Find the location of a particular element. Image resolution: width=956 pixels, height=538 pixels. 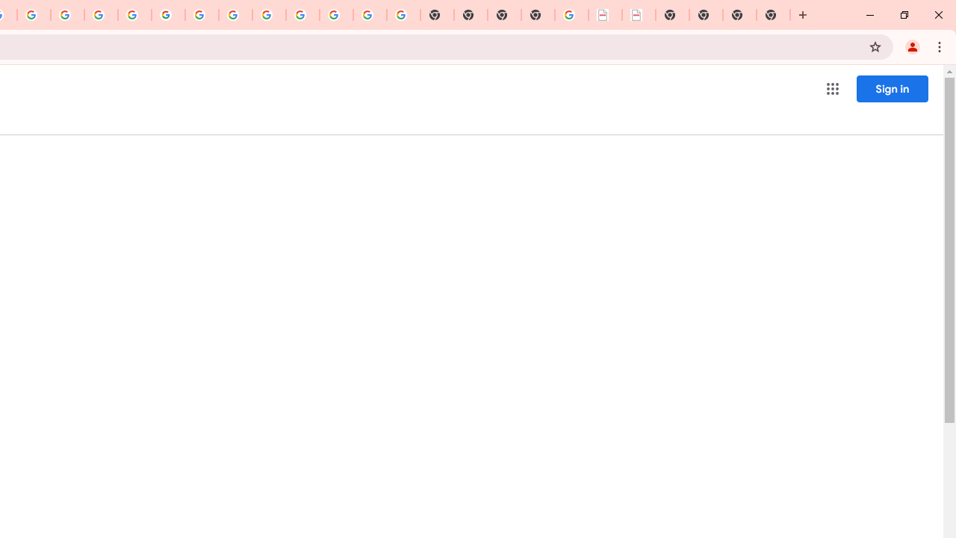

'Privacy Help Center - Policies Help' is located at coordinates (100, 15).